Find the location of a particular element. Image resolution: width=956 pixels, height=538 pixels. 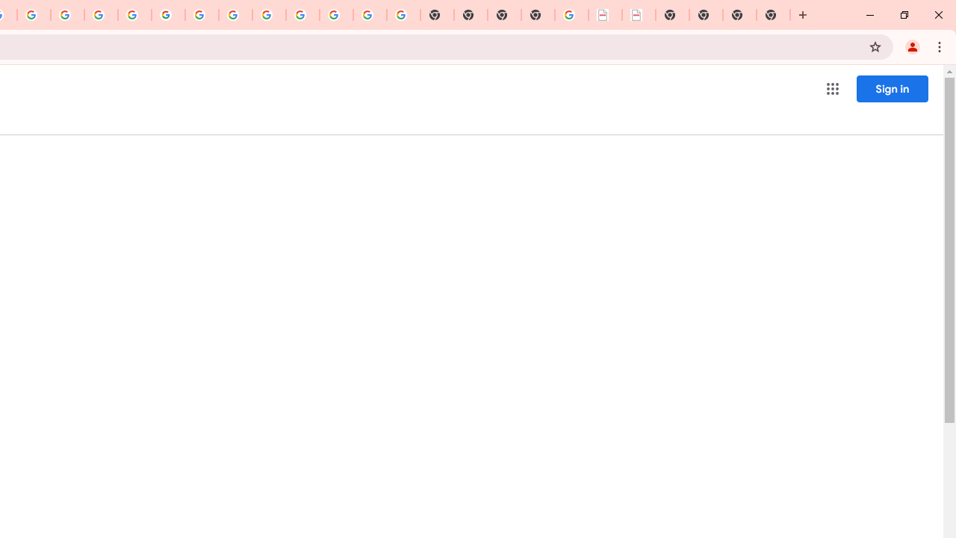

'Privacy Help Center - Policies Help' is located at coordinates (100, 15).